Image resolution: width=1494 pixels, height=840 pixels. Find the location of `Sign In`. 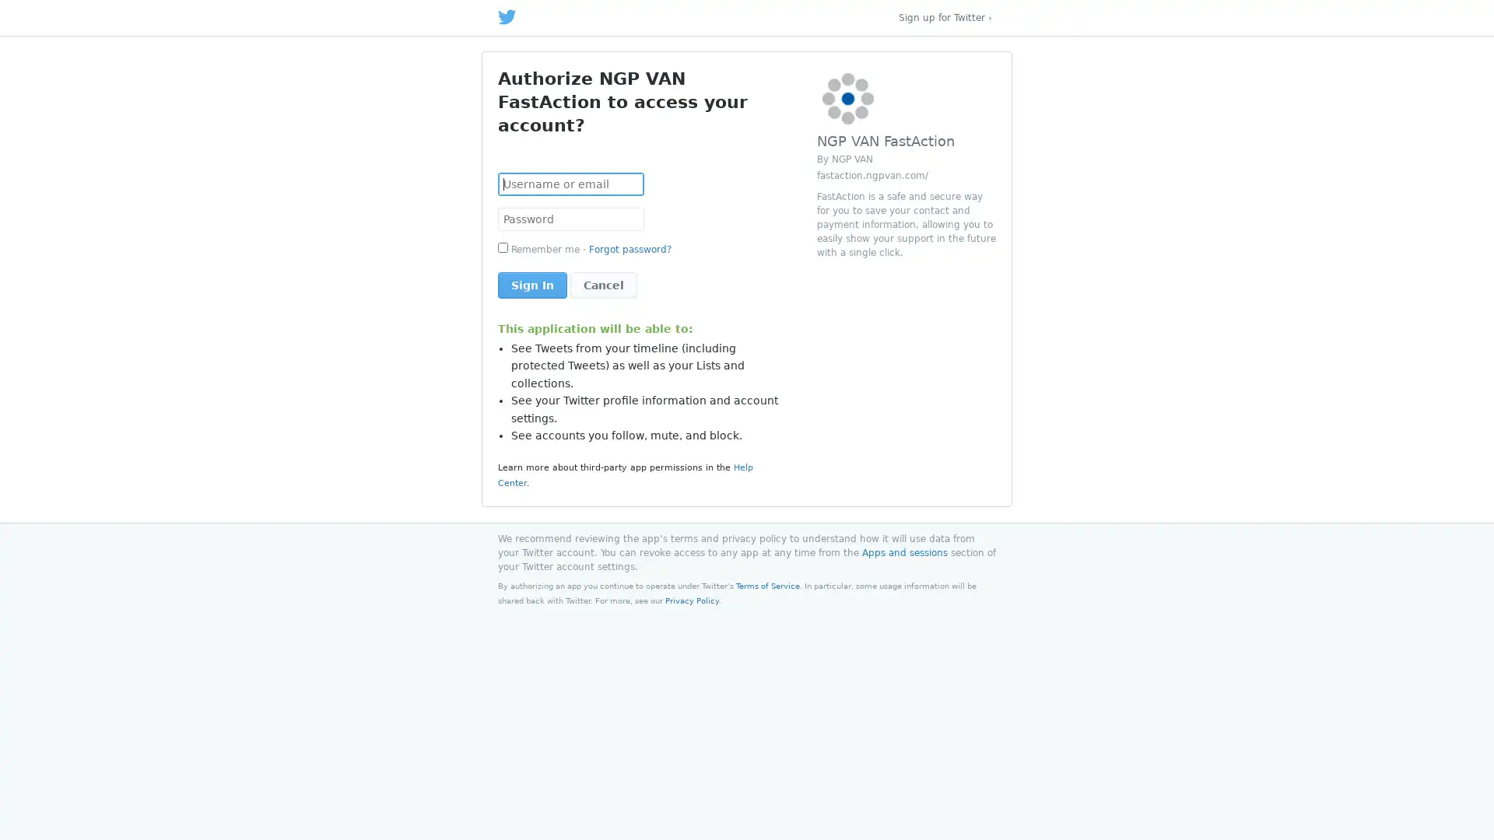

Sign In is located at coordinates (532, 285).